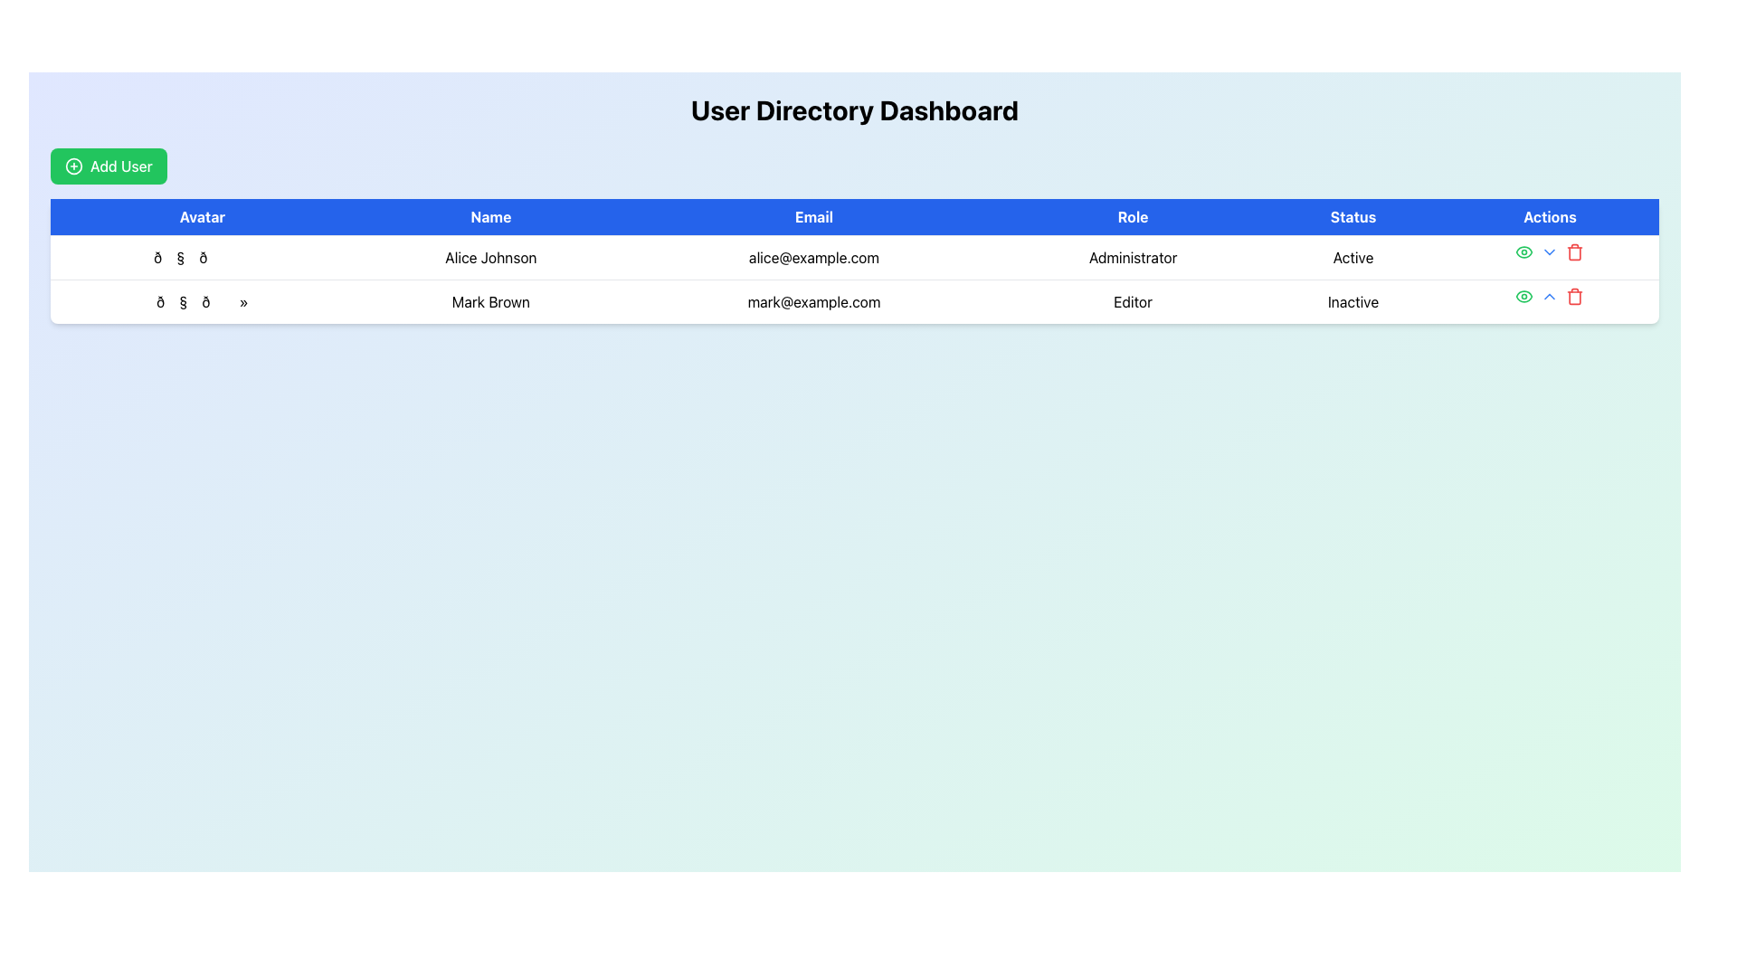  I want to click on the 'Add User' button located in the top-left section of the interface, so click(108, 166).